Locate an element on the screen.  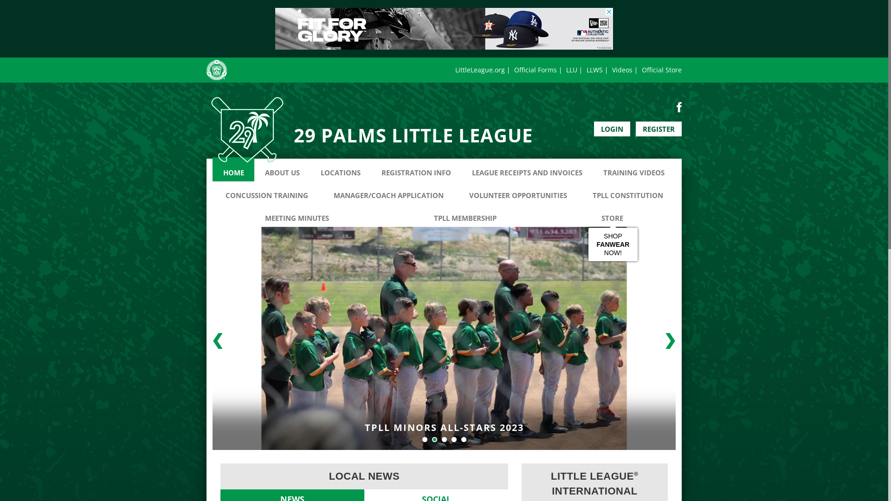
'TPLL CONSTITUTION' is located at coordinates (627, 191).